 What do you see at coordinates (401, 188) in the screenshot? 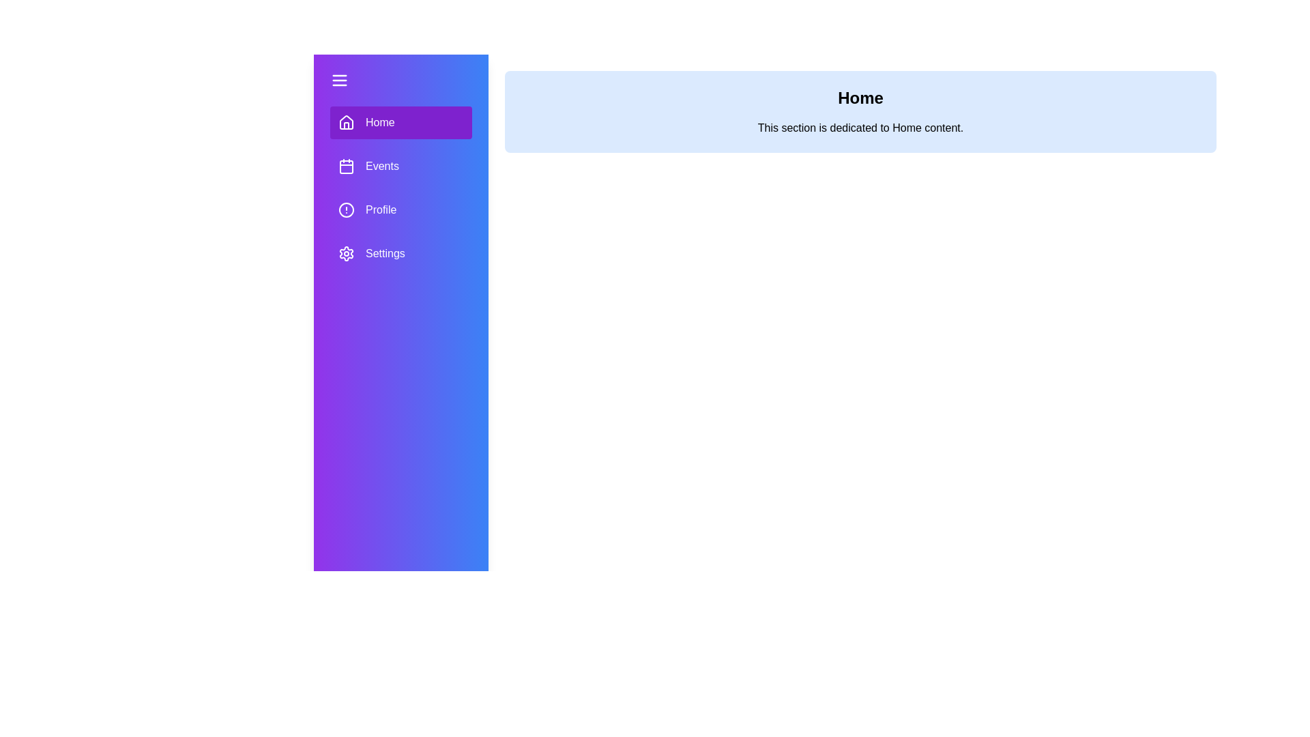
I see `the 'Events' navigation link located in the sidebar menu, positioned below 'Home' and above 'Profile'` at bounding box center [401, 188].